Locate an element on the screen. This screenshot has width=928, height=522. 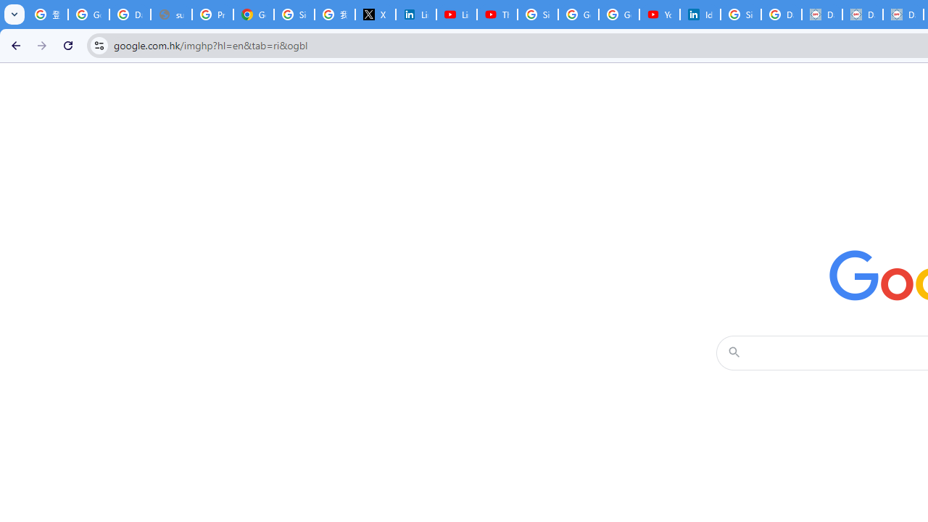
'Data Privacy Framework' is located at coordinates (863, 14).